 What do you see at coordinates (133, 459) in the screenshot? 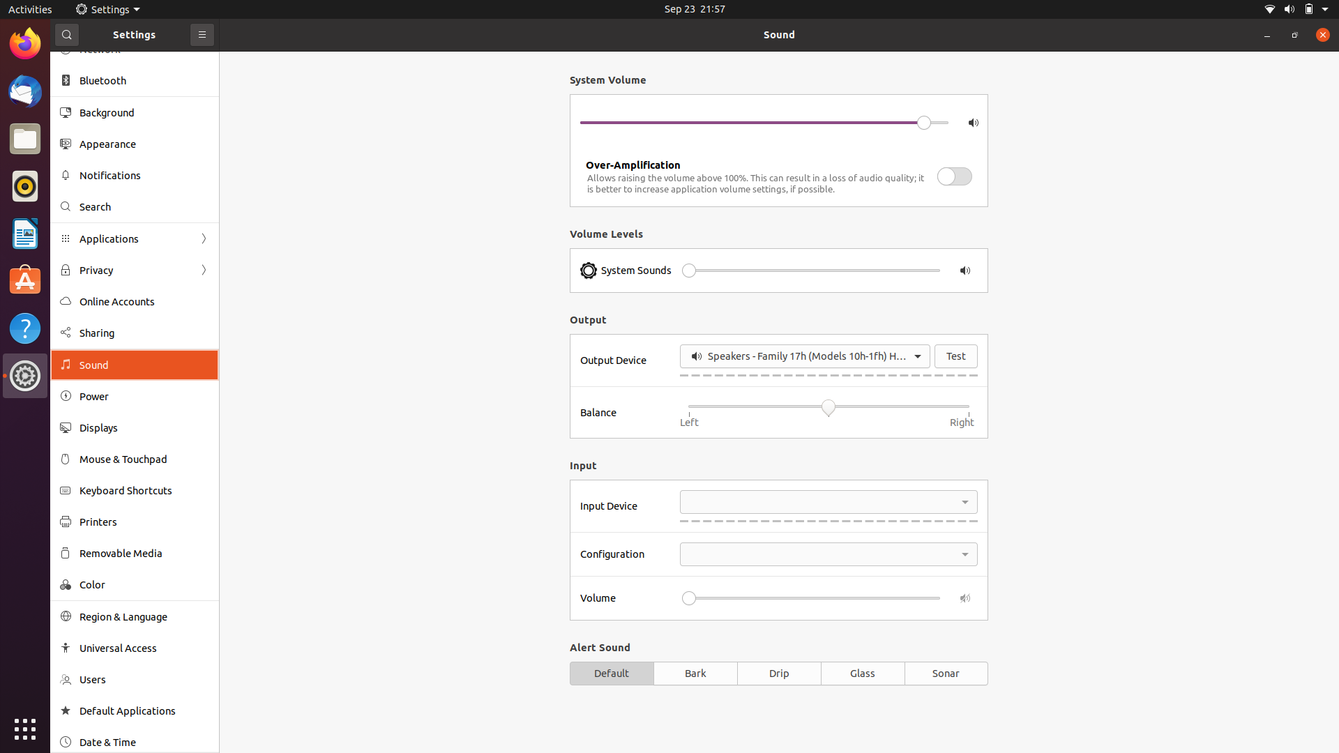
I see `Update settings related to mouse and trackpad` at bounding box center [133, 459].